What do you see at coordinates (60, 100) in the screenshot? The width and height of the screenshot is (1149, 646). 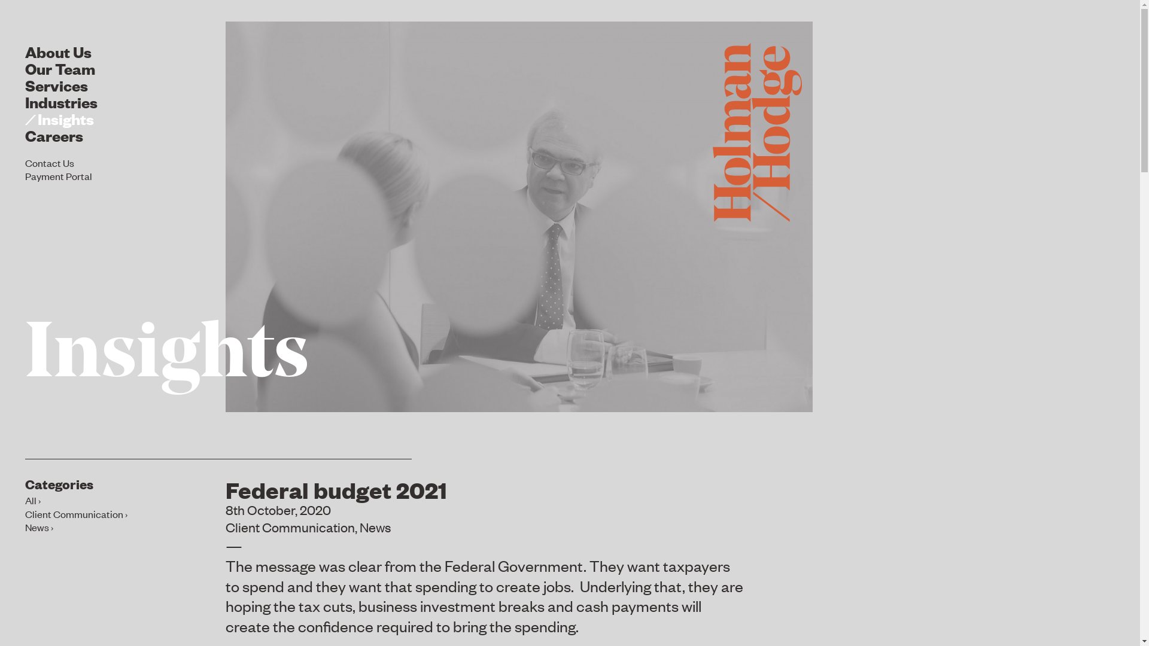 I see `'Industries'` at bounding box center [60, 100].